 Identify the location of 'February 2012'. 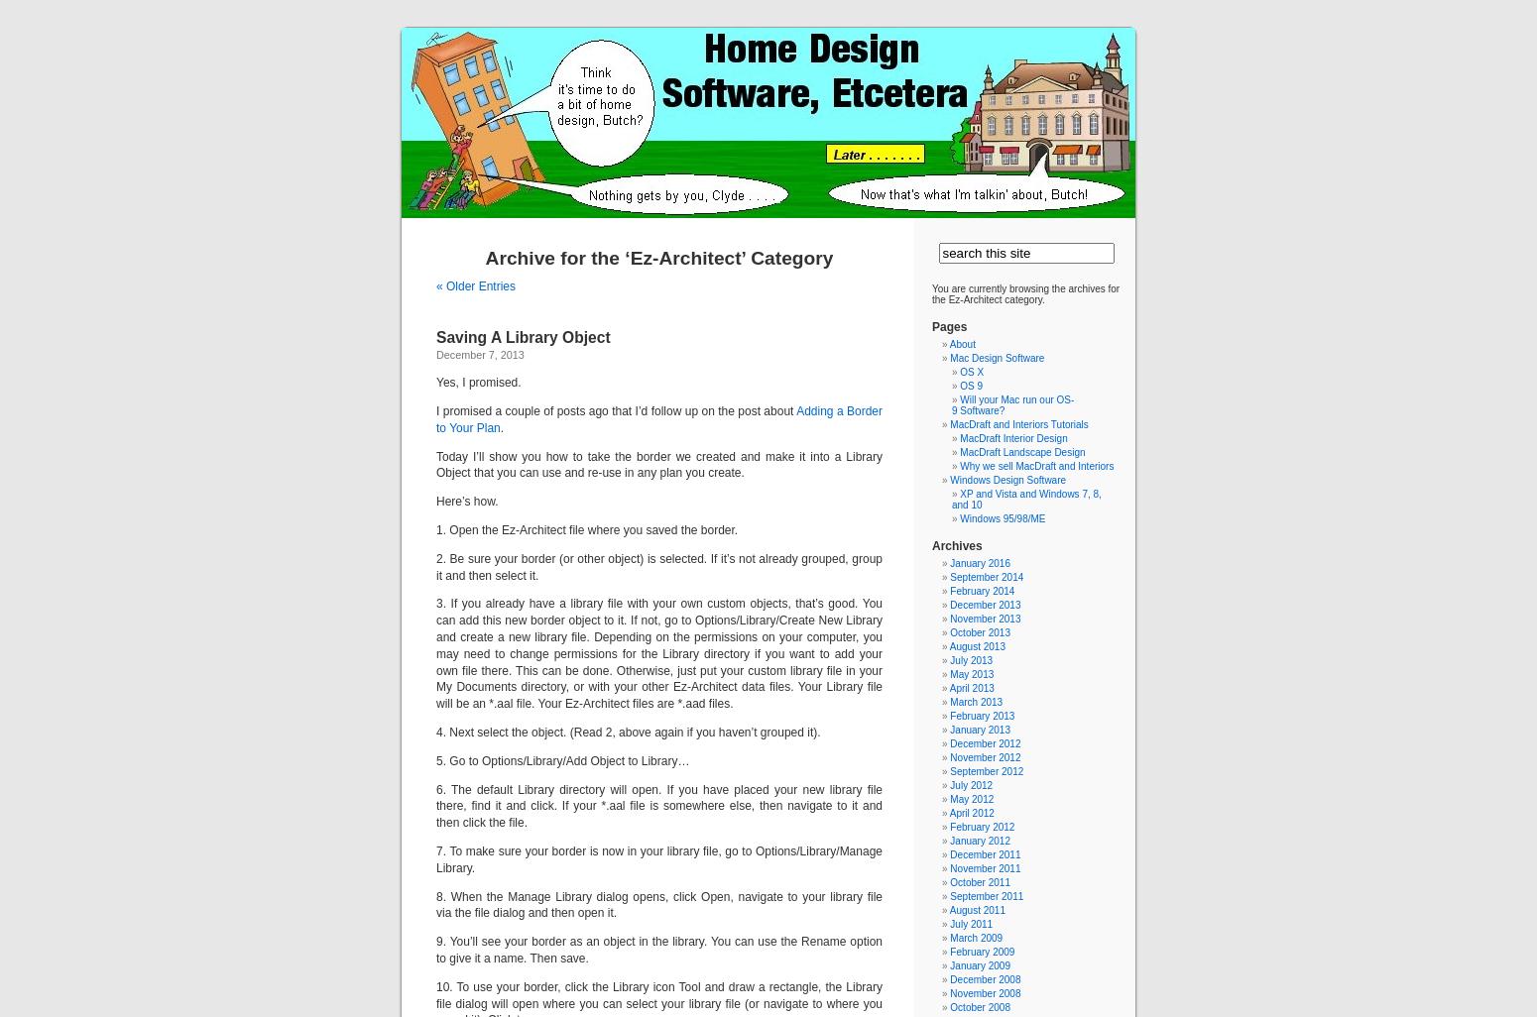
(981, 827).